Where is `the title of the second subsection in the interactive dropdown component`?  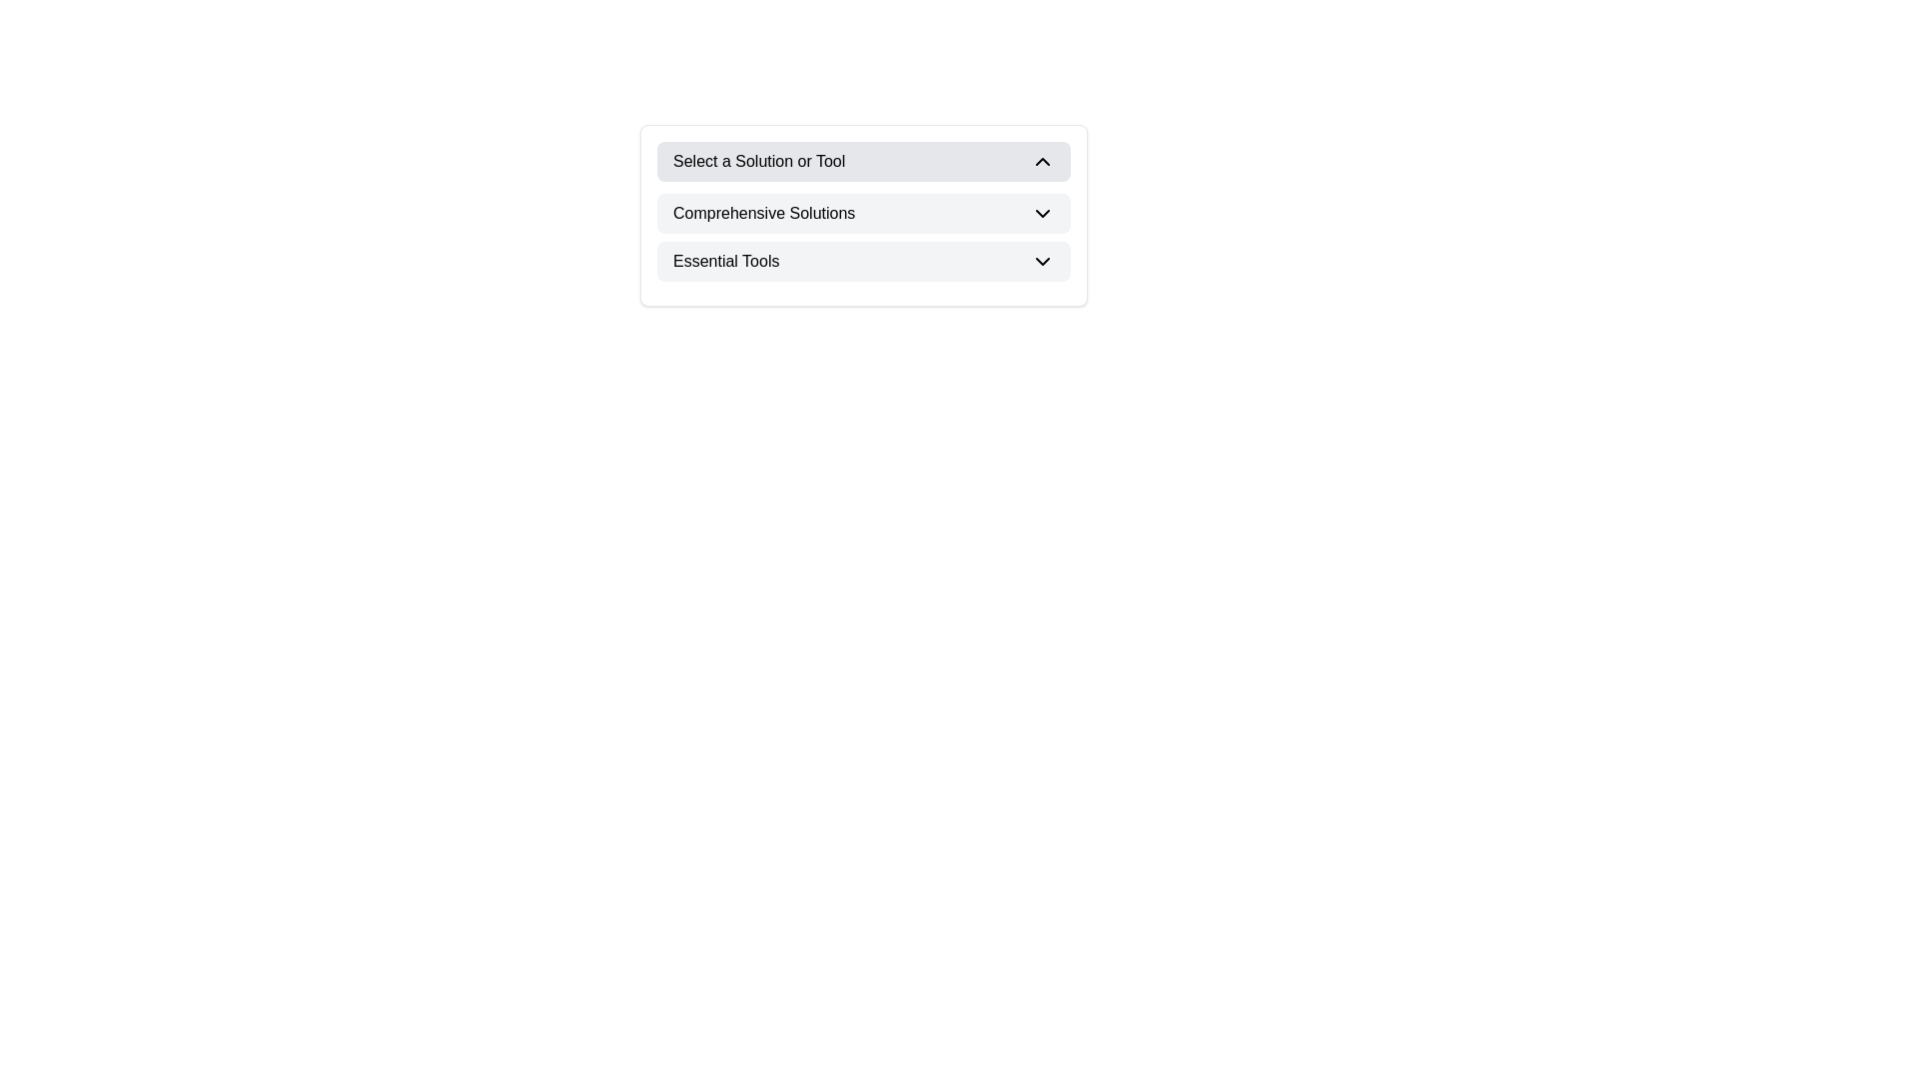 the title of the second subsection in the interactive dropdown component is located at coordinates (863, 216).